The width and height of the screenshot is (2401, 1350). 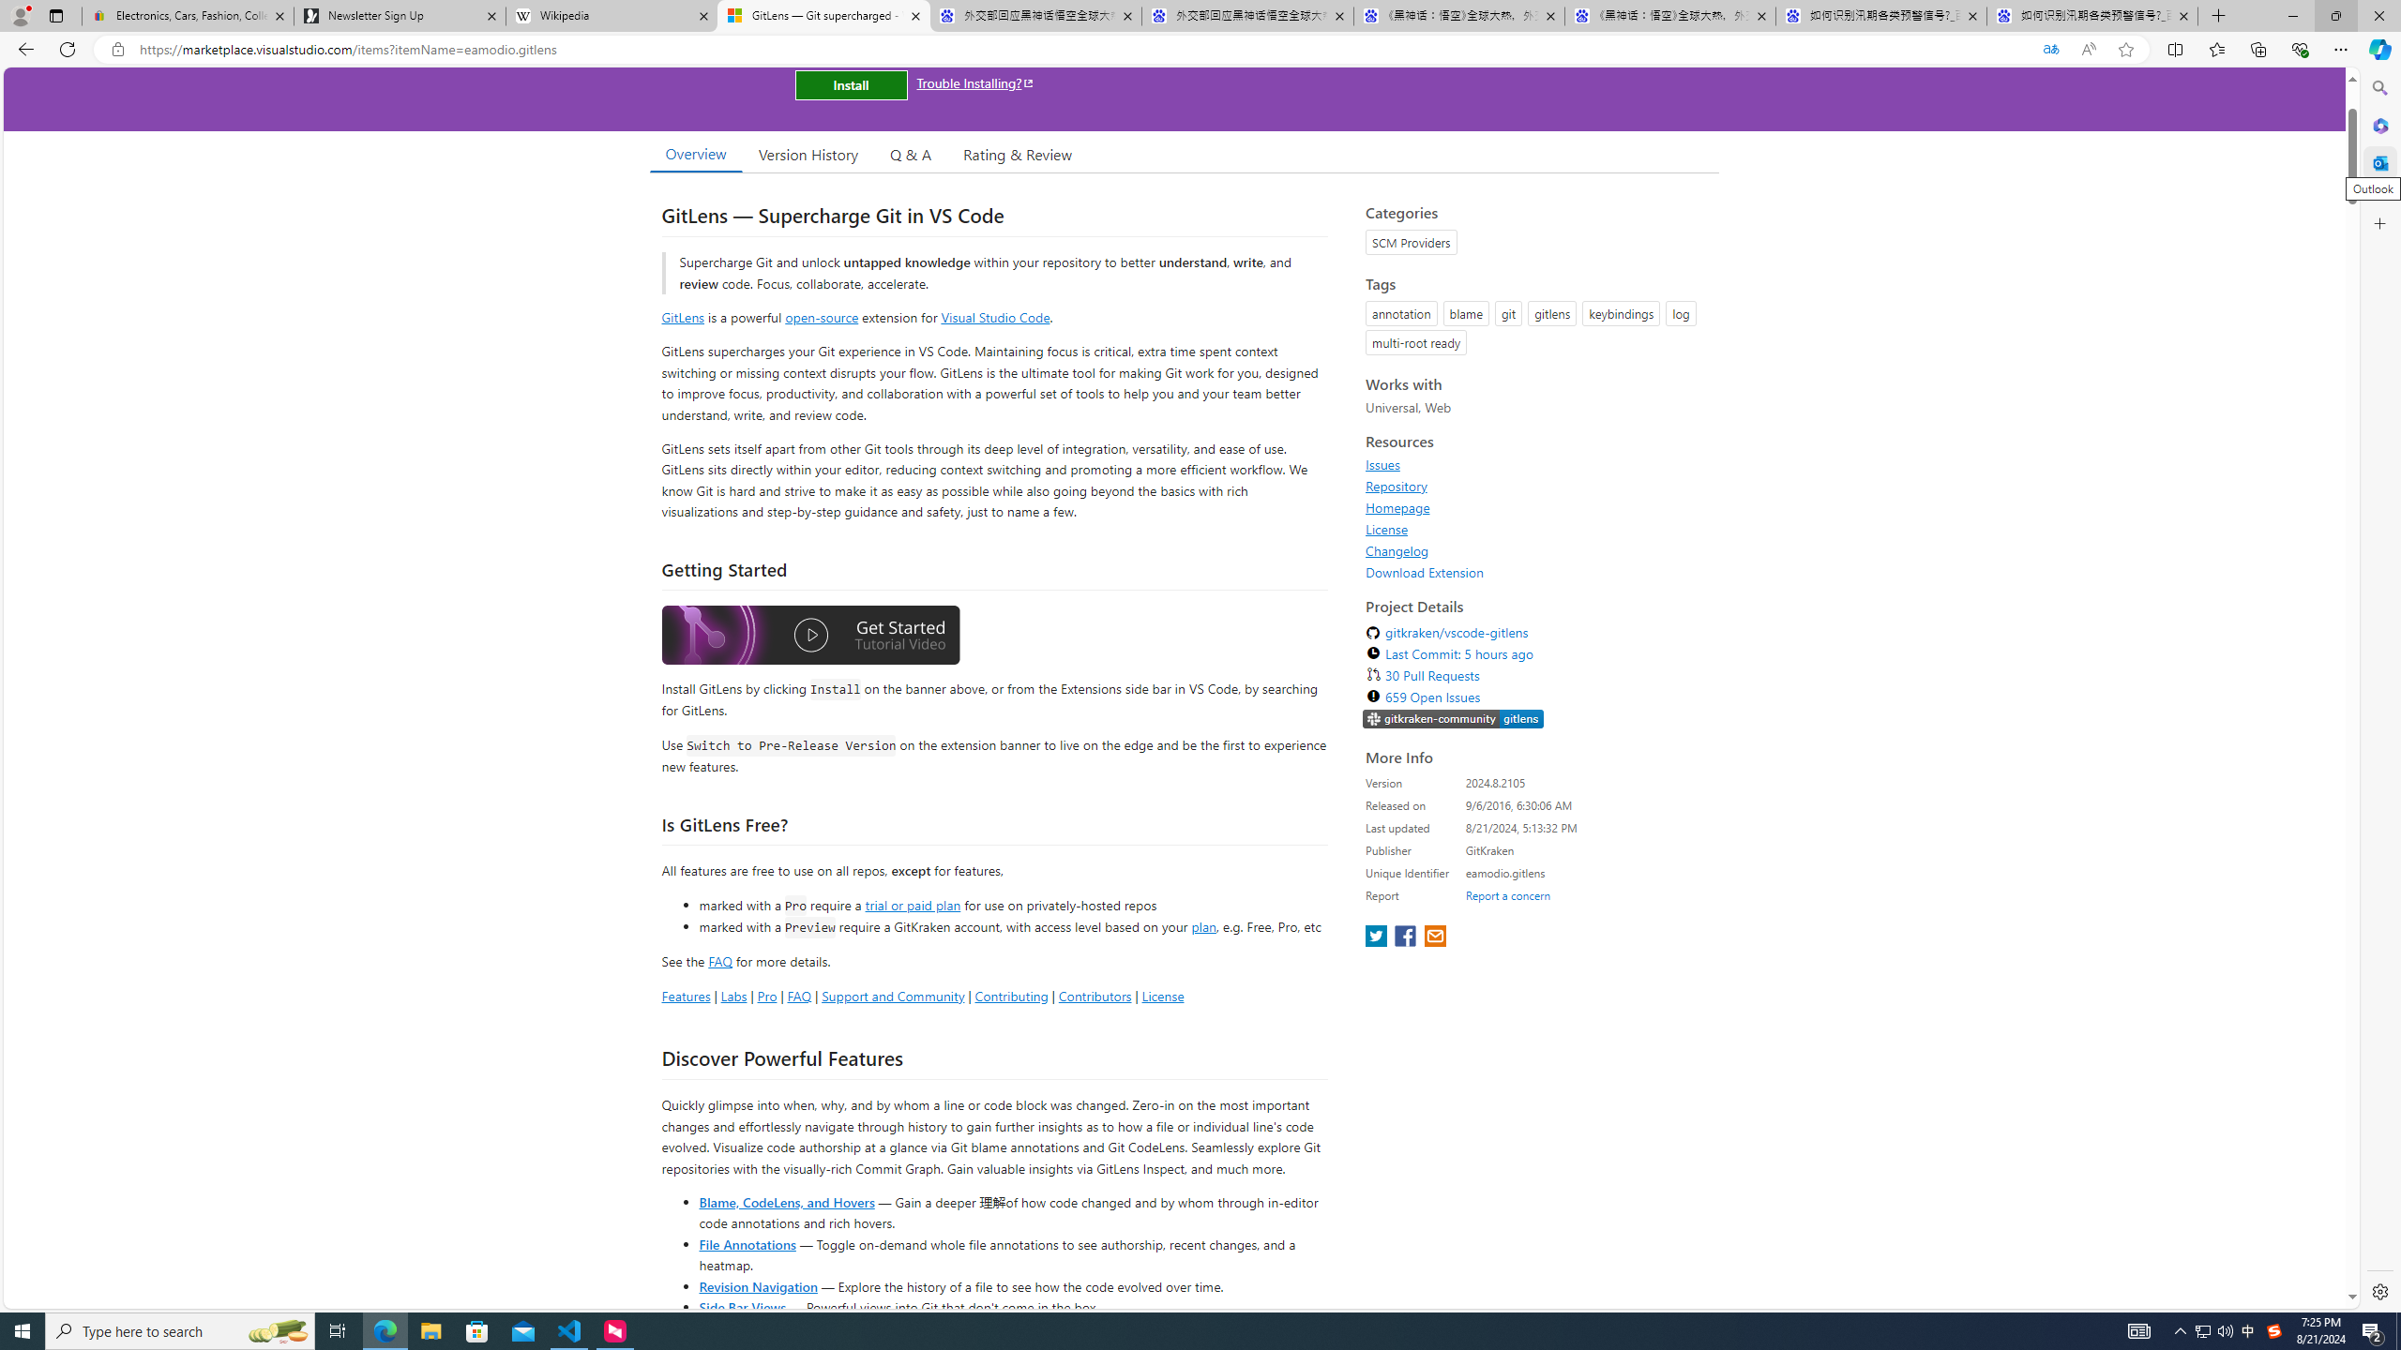 I want to click on 'share extension on facebook', so click(x=1407, y=937).